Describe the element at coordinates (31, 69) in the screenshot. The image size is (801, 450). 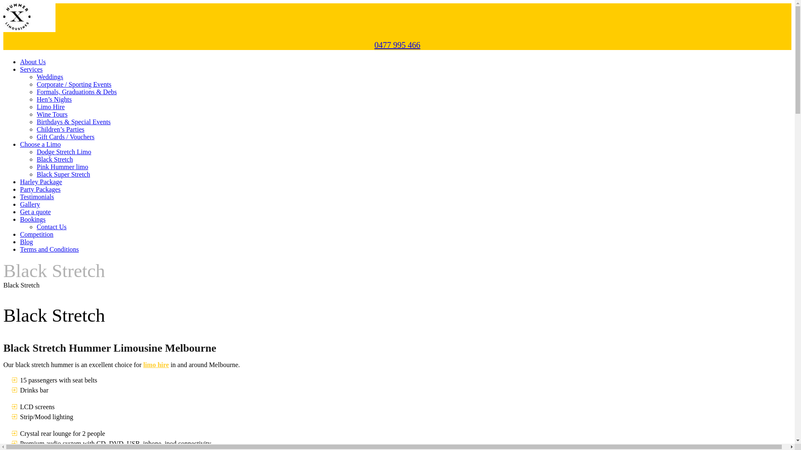
I see `'Services'` at that location.